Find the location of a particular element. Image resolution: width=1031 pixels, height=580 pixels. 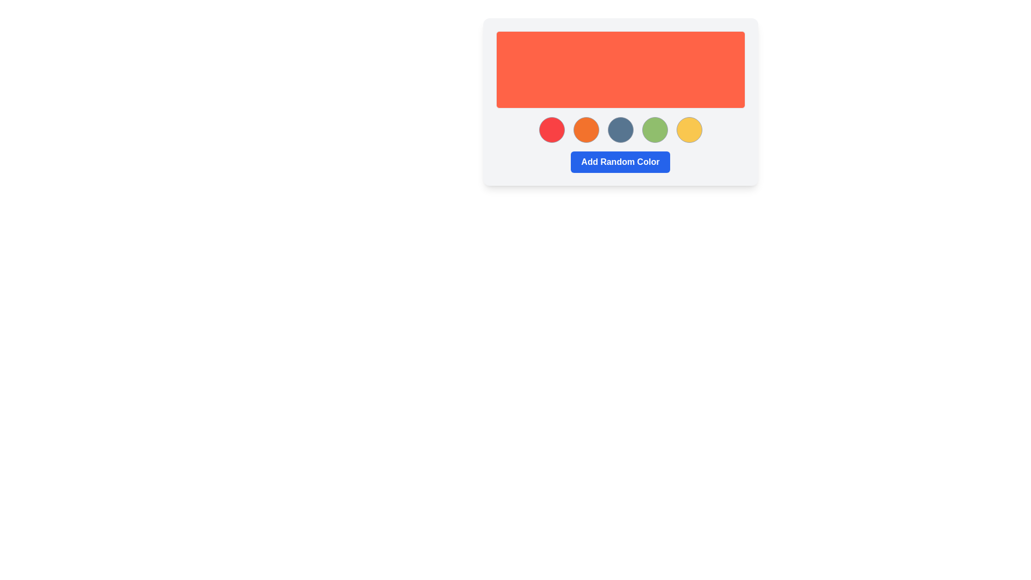

the second circular button from the left that allows users to select a color option is located at coordinates (585, 129).